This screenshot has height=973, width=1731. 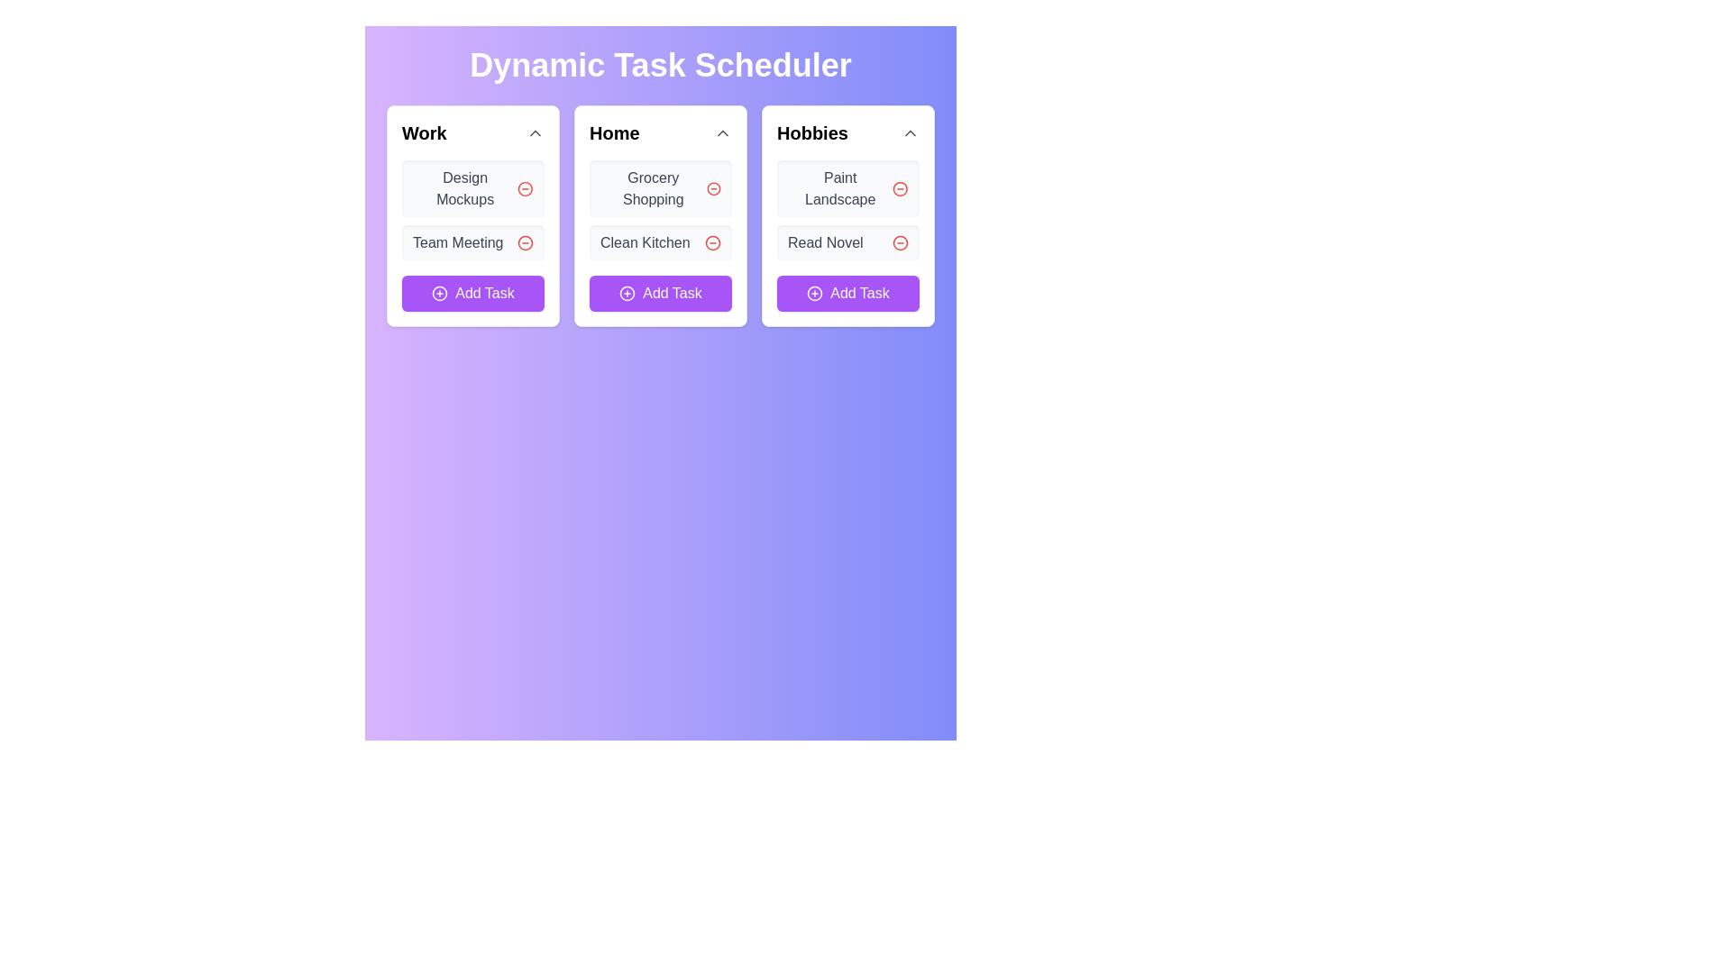 I want to click on the non-interactive text label representing the task 'Grocery Shopping' located at the top of the 'Home' task list, so click(x=652, y=188).